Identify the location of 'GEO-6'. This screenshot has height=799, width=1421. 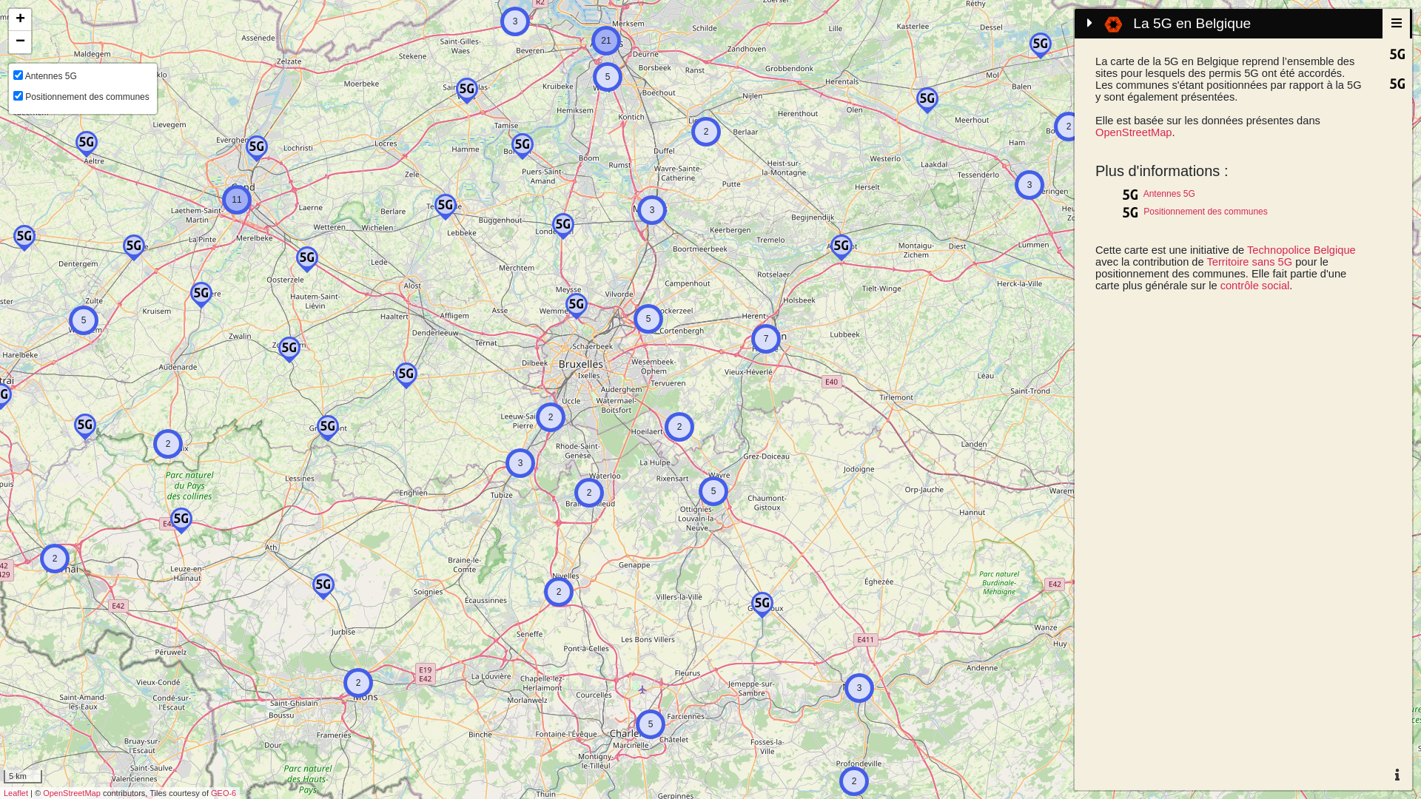
(209, 792).